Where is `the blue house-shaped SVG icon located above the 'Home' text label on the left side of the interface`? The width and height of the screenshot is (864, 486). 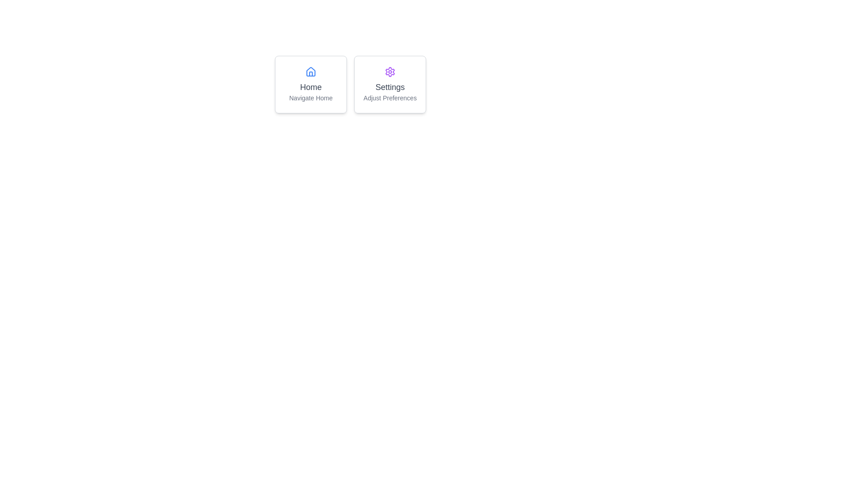
the blue house-shaped SVG icon located above the 'Home' text label on the left side of the interface is located at coordinates (311, 71).